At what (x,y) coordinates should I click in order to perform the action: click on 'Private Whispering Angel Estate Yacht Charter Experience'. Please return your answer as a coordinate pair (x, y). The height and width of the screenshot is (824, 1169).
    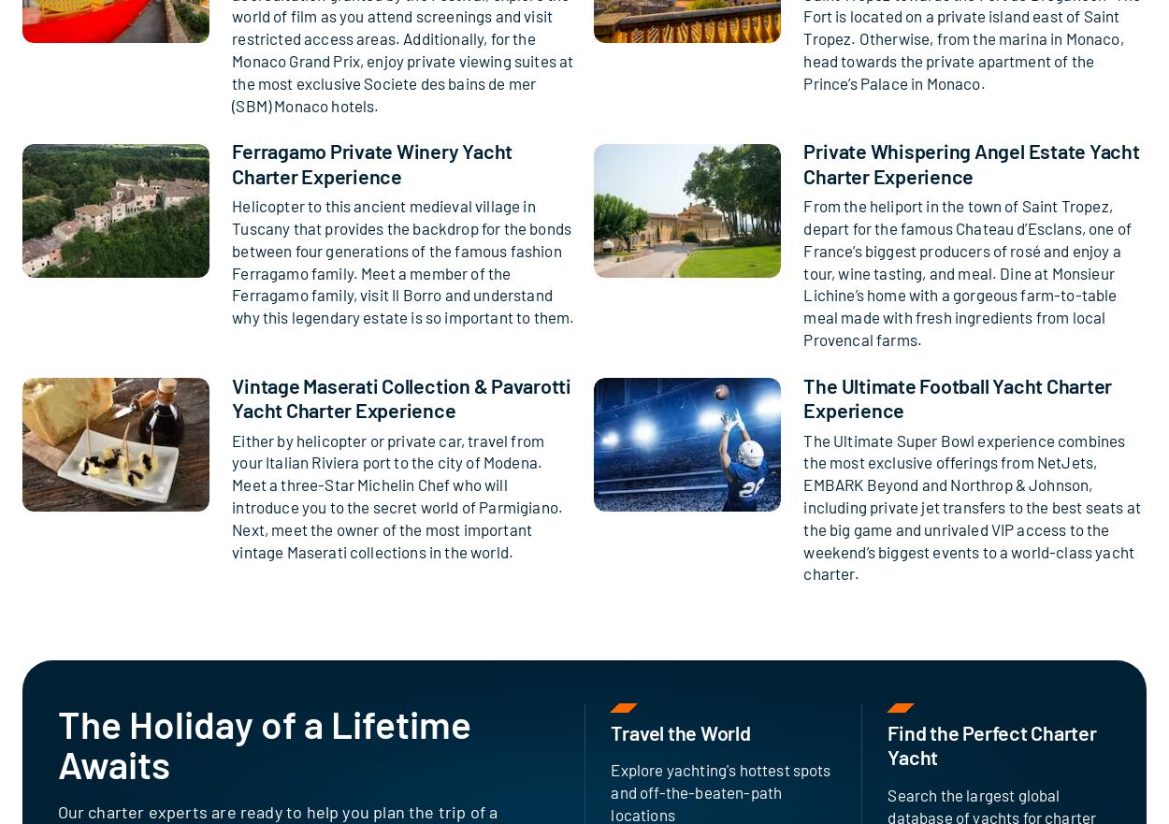
    Looking at the image, I should click on (971, 162).